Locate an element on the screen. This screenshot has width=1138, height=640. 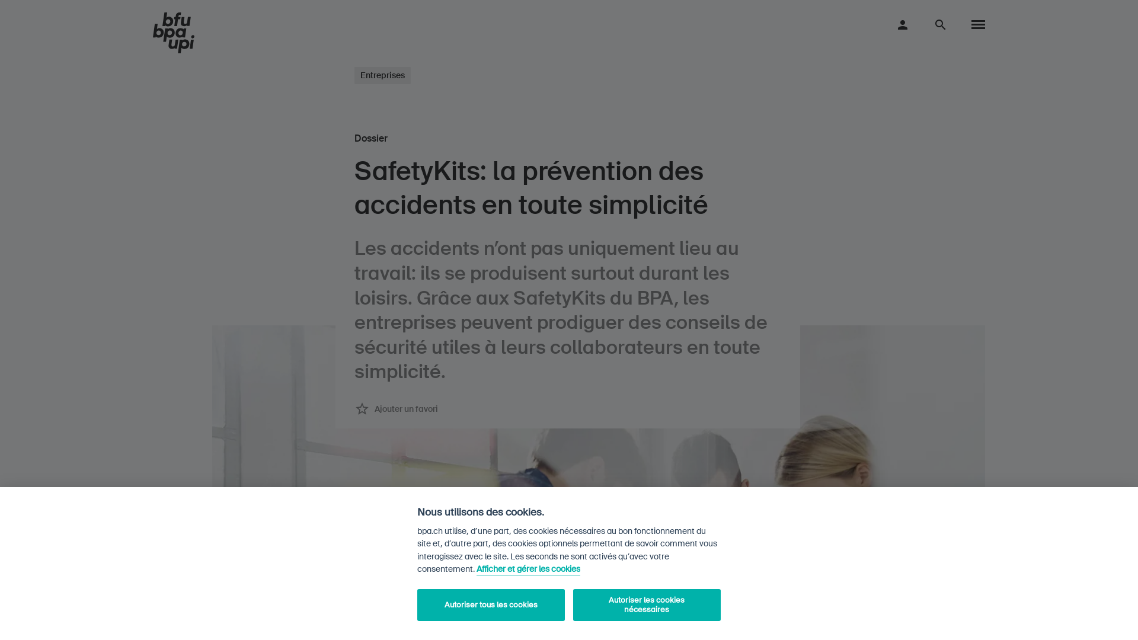
'search' is located at coordinates (940, 24).